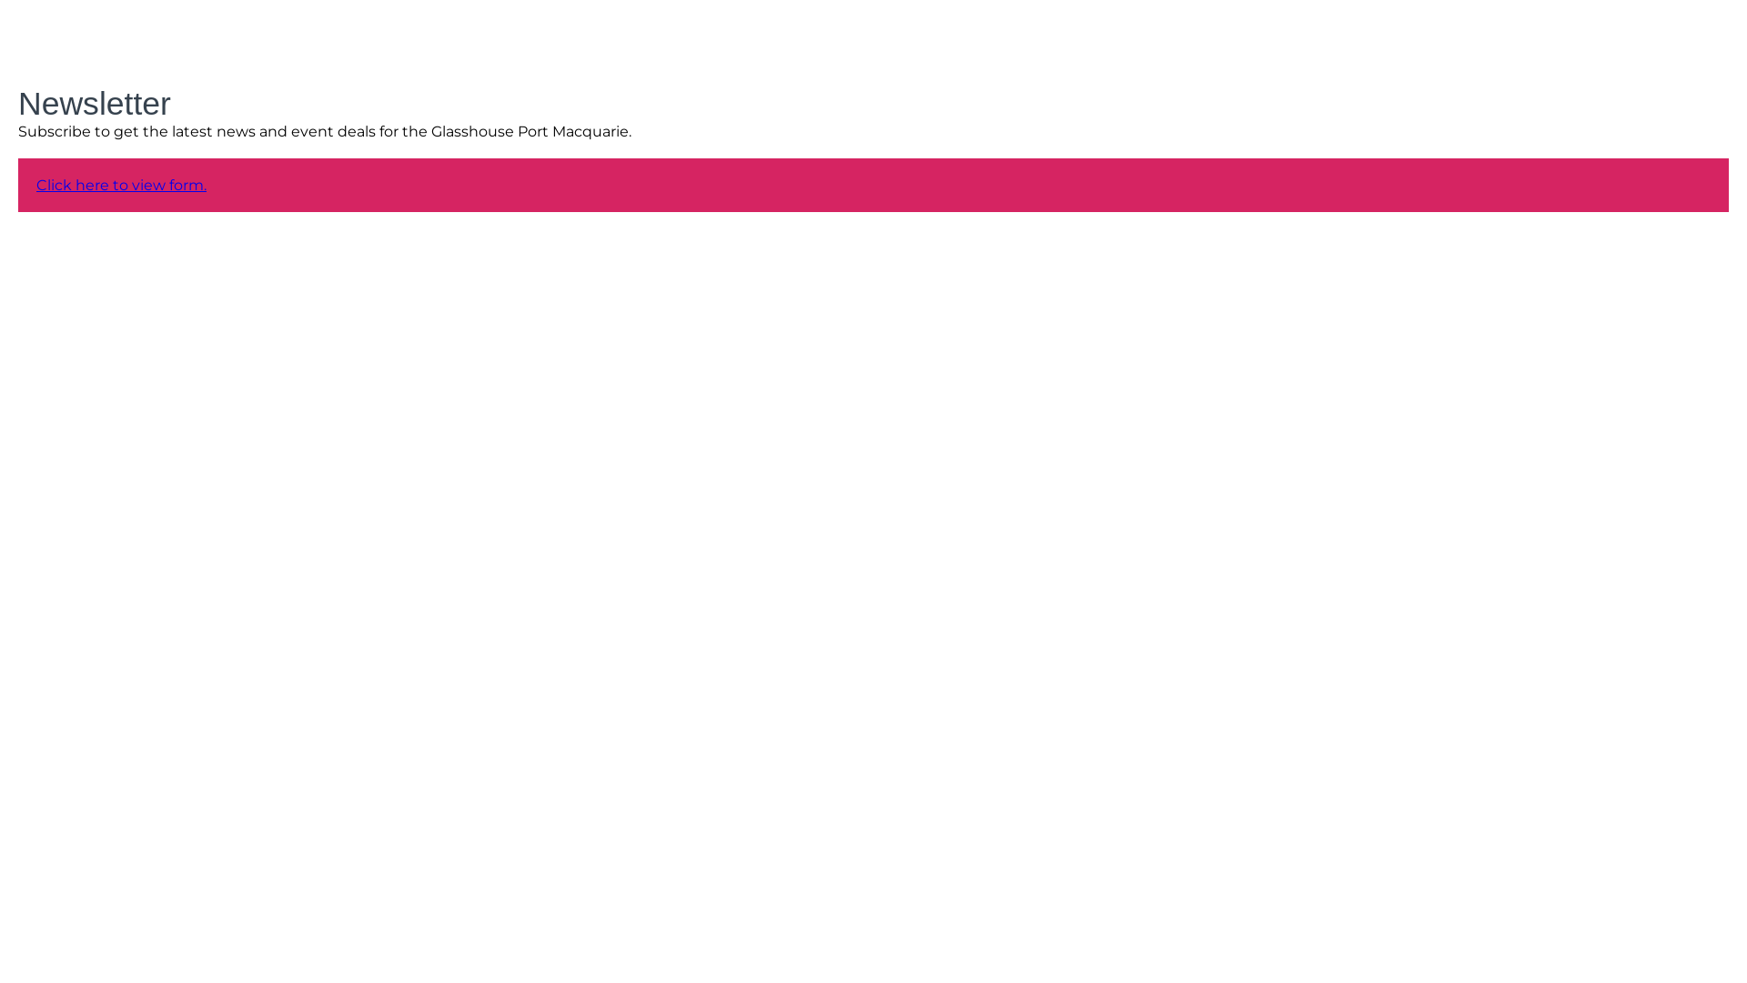  I want to click on 'Click here to view form.', so click(120, 185).